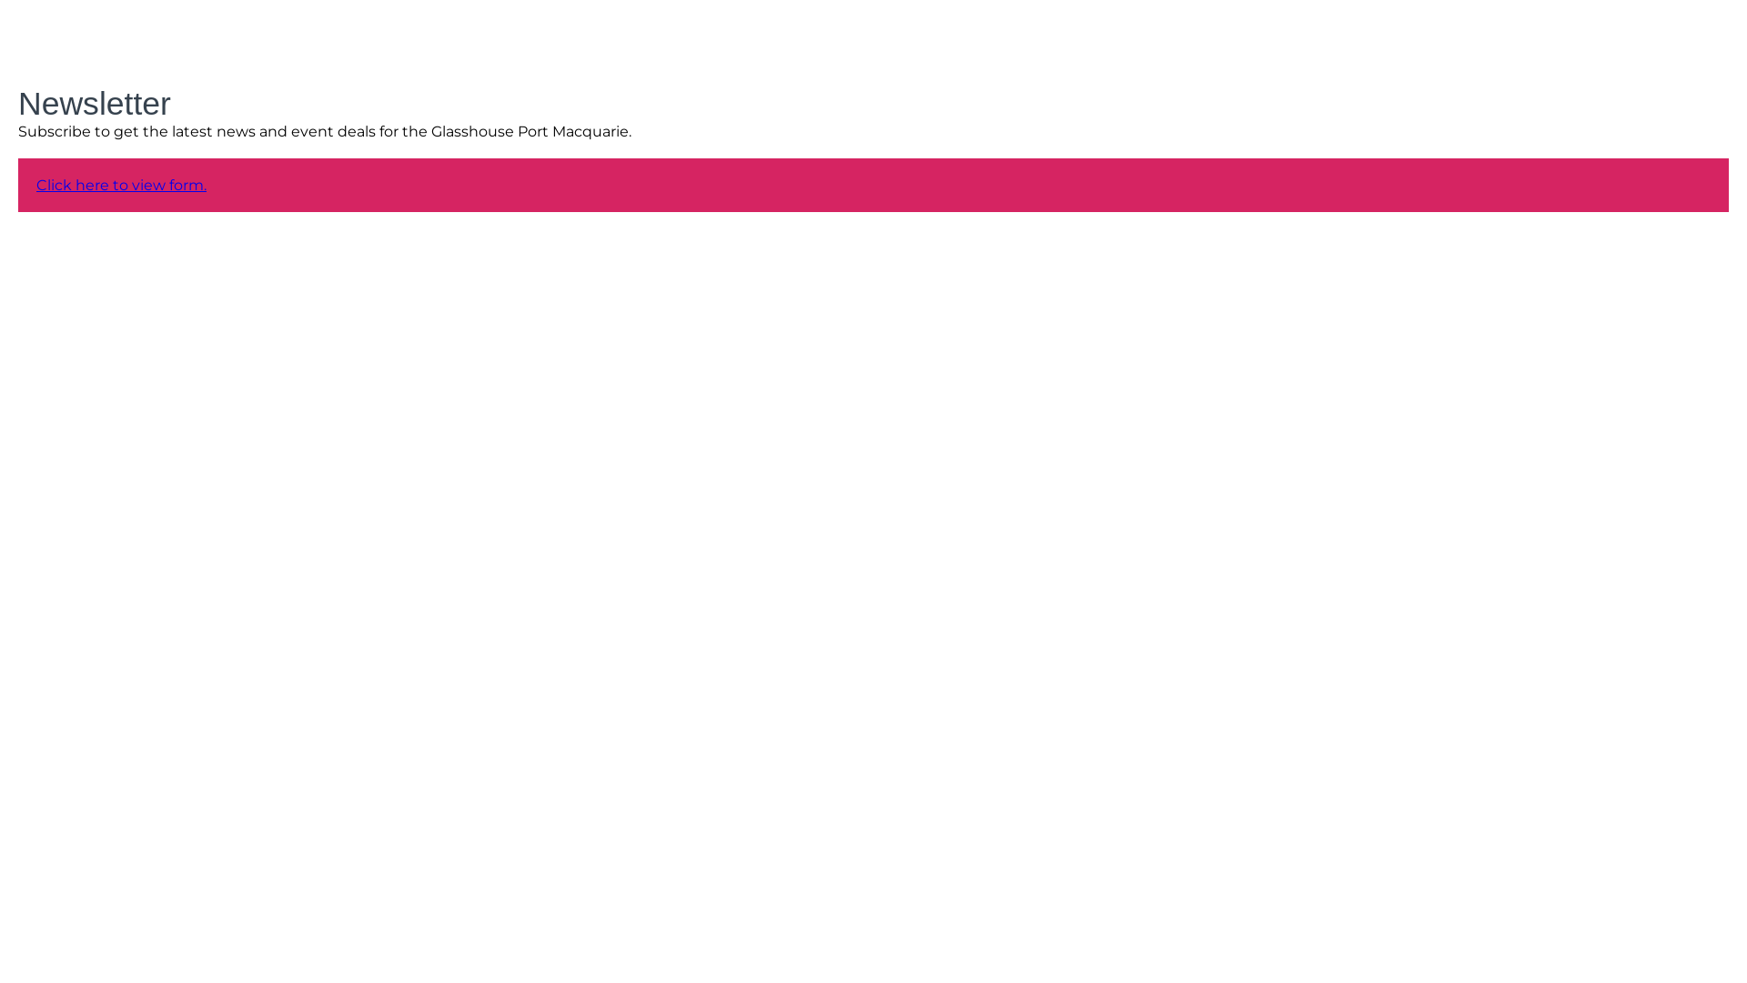  I want to click on 'Click here to view form.', so click(120, 185).